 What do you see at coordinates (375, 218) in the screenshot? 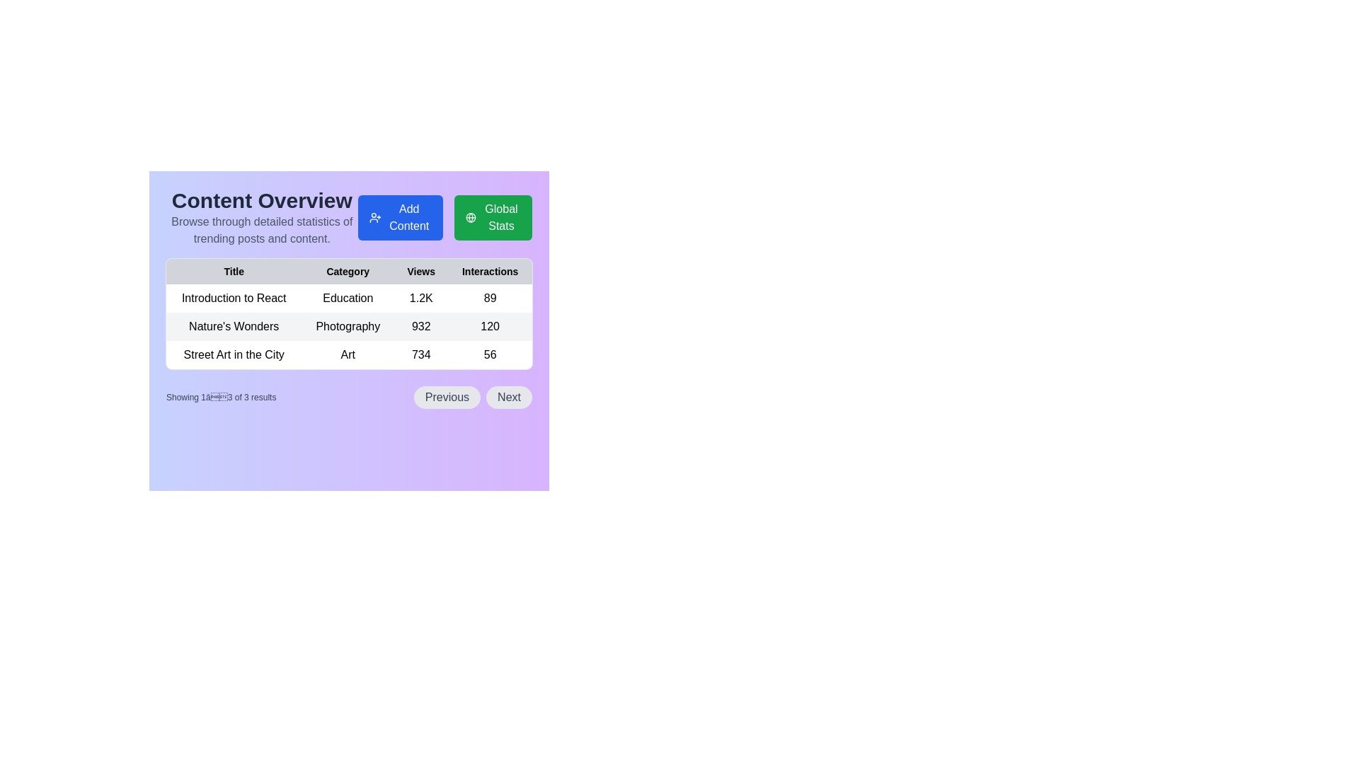
I see `the user-plus icon within the 'Add Content' button, which is a circular user silhouette with a plus sign on a blue background, located centrally at the top of the interface` at bounding box center [375, 218].